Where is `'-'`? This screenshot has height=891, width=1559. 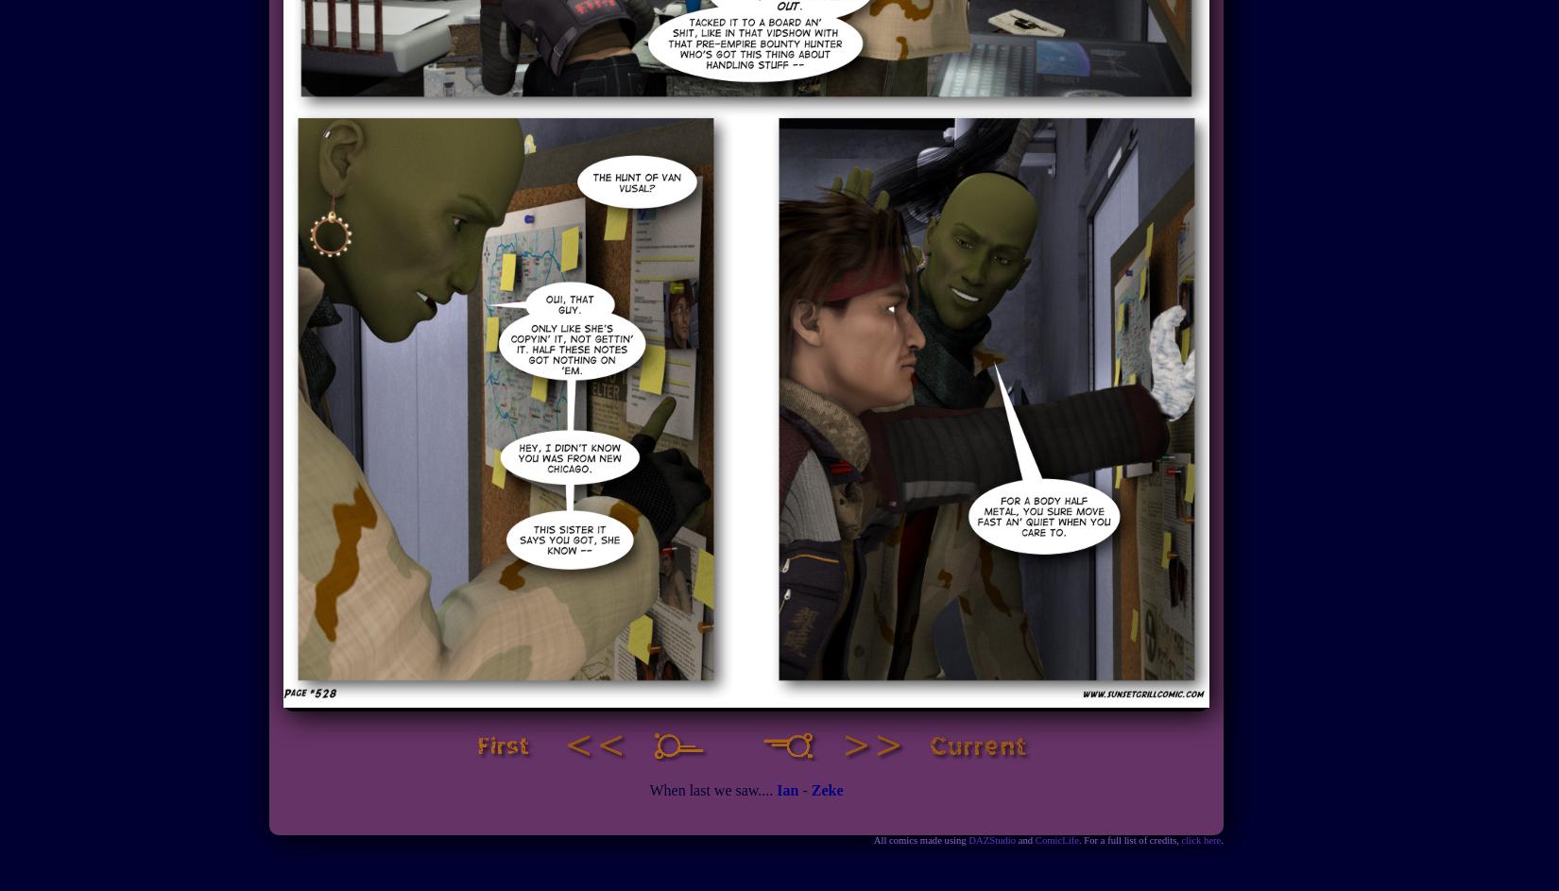 '-' is located at coordinates (804, 789).